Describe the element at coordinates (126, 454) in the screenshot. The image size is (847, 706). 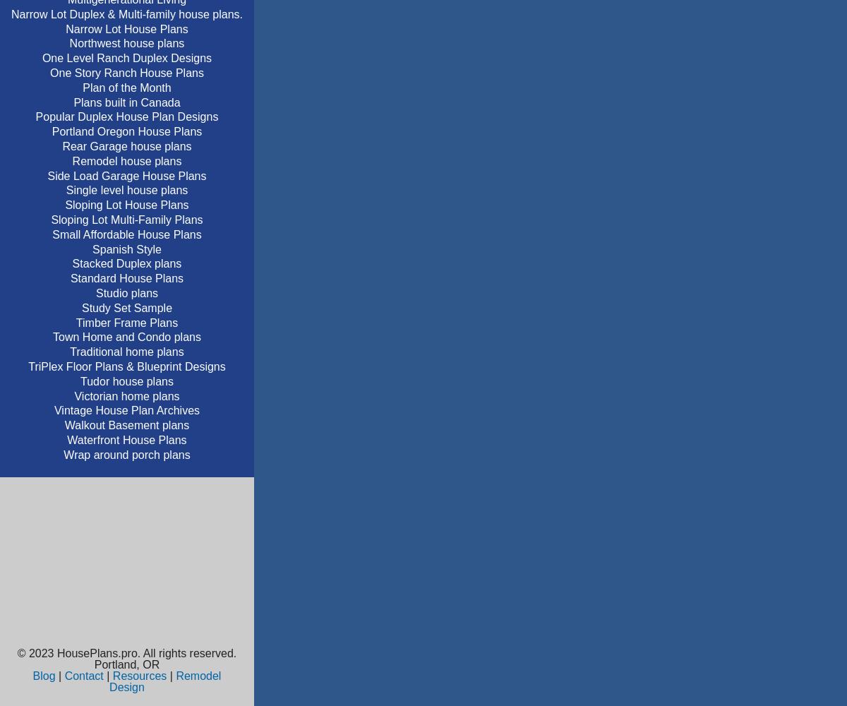
I see `'Wrap around porch plans'` at that location.